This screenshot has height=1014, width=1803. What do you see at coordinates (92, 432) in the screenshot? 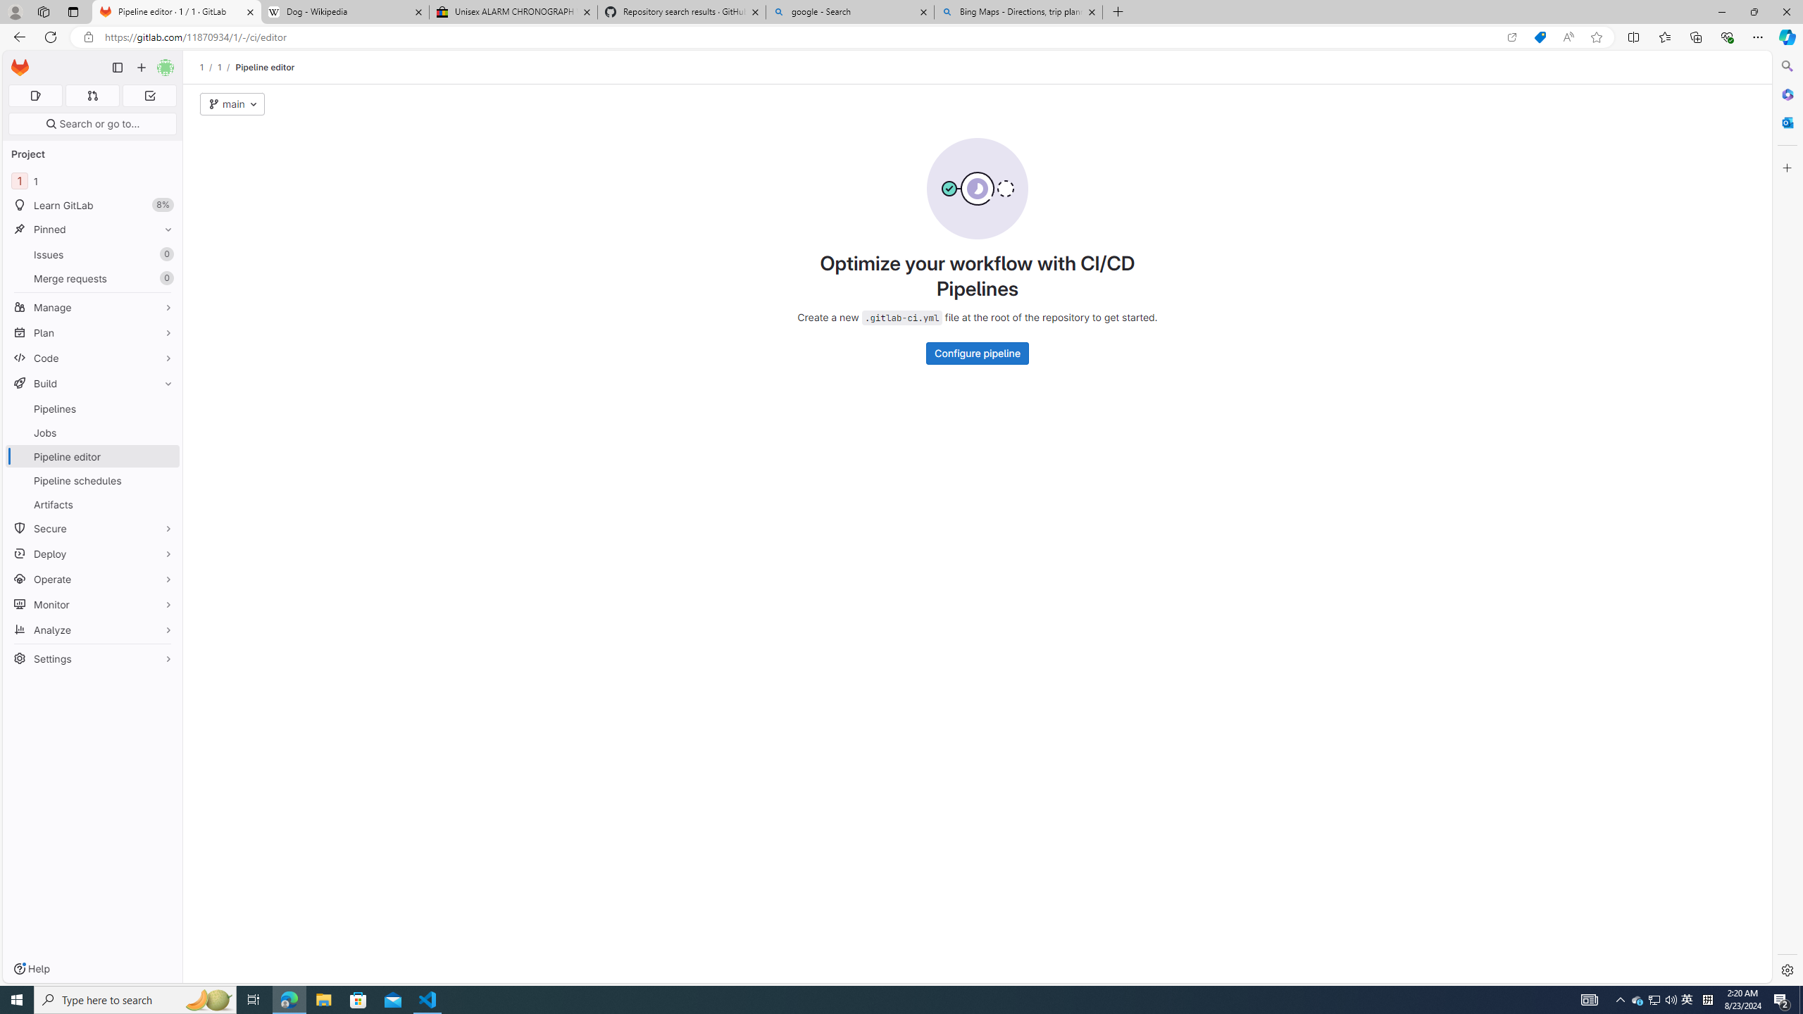
I see `'Jobs'` at bounding box center [92, 432].